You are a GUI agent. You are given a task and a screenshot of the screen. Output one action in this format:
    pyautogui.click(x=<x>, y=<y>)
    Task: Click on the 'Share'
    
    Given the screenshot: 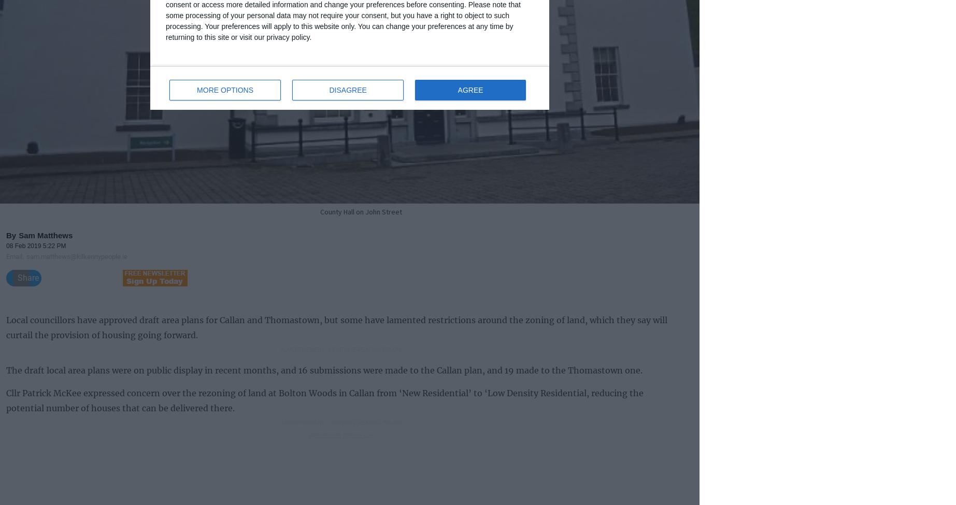 What is the action you would take?
    pyautogui.click(x=28, y=277)
    